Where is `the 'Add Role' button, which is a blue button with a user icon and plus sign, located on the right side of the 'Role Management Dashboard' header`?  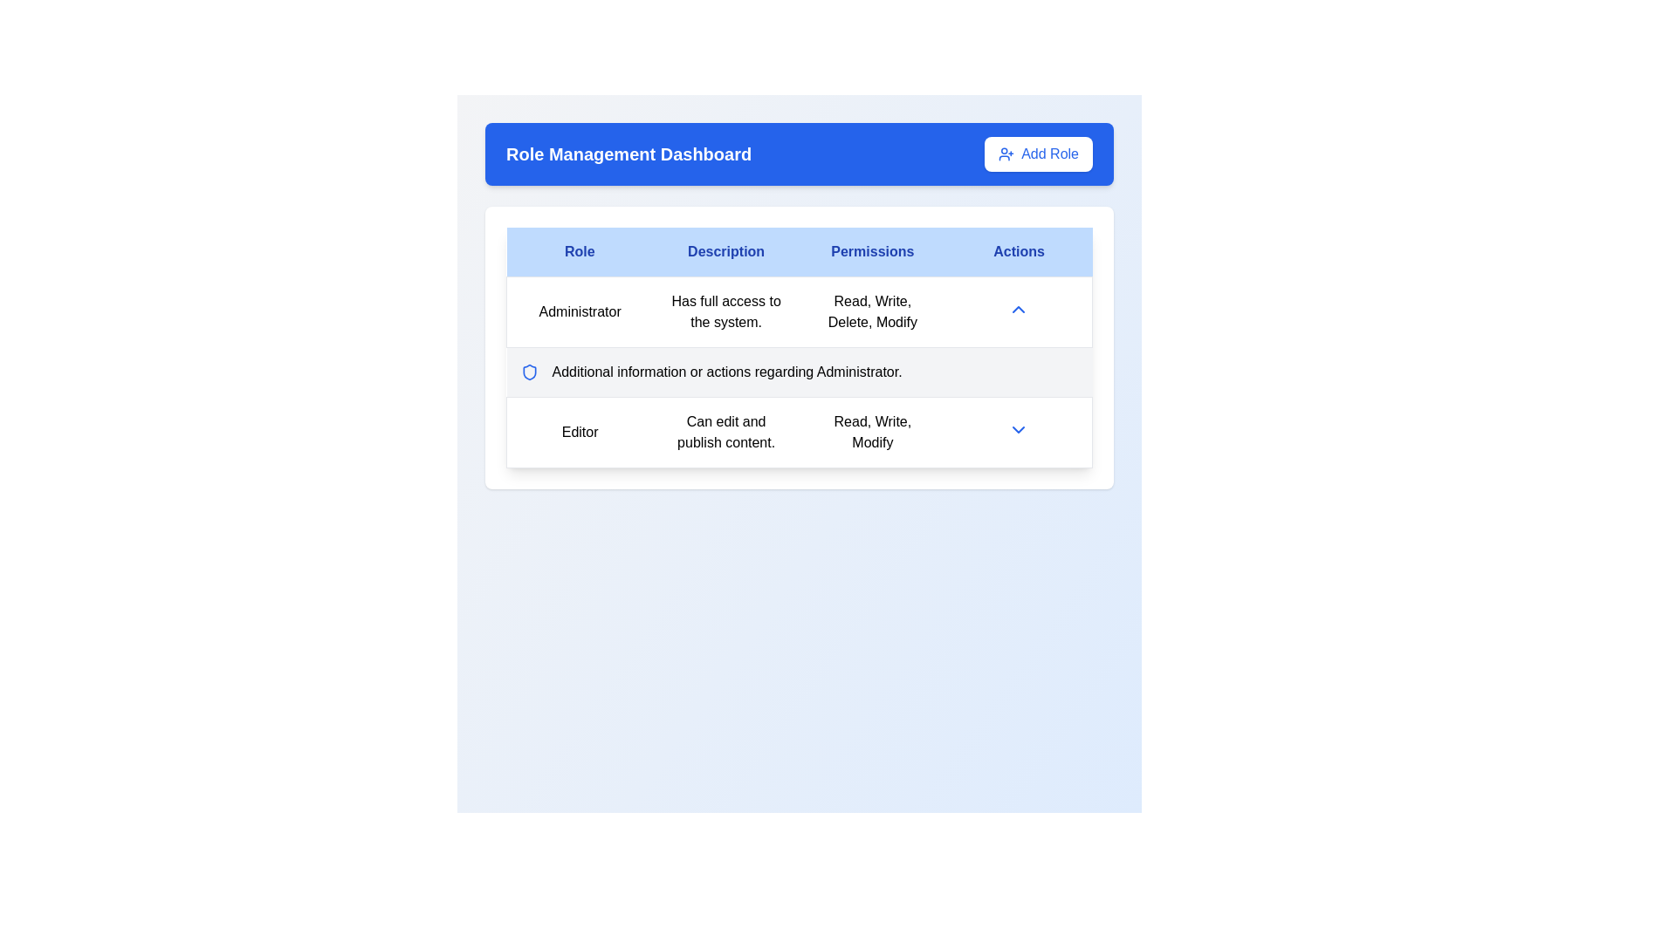
the 'Add Role' button, which is a blue button with a user icon and plus sign, located on the right side of the 'Role Management Dashboard' header is located at coordinates (1039, 154).